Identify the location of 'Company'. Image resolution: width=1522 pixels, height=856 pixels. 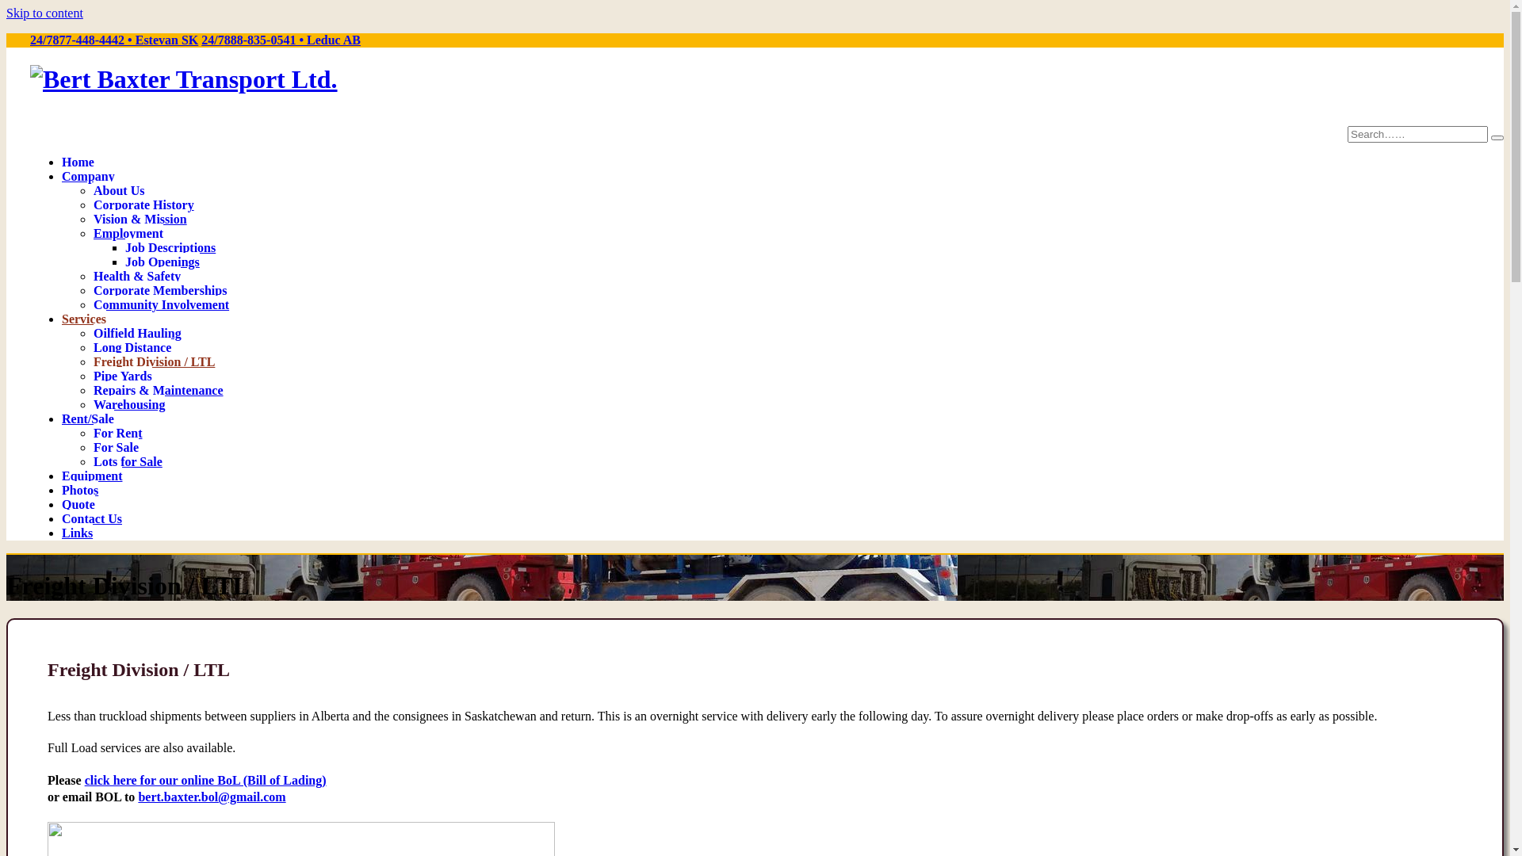
(61, 174).